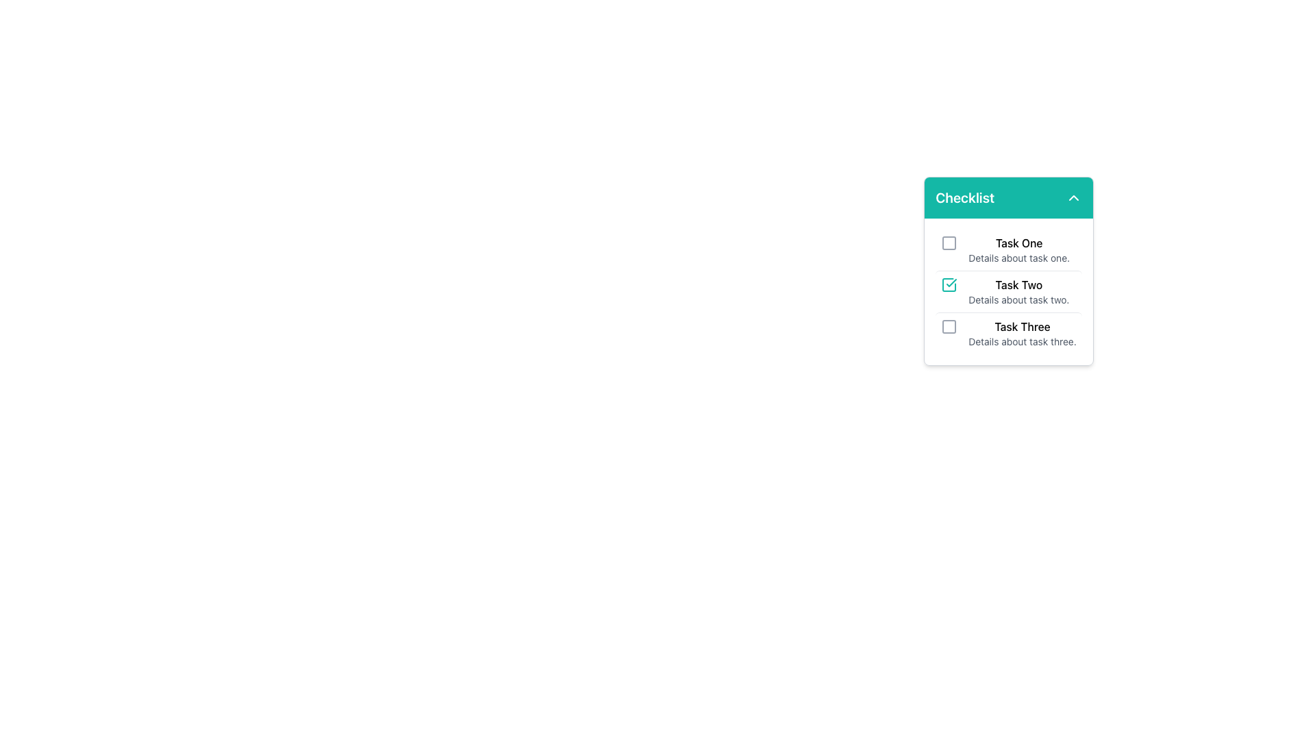  What do you see at coordinates (1073, 198) in the screenshot?
I see `the chevron-up icon located at the top right corner of the teal header bar within the checklist UI` at bounding box center [1073, 198].